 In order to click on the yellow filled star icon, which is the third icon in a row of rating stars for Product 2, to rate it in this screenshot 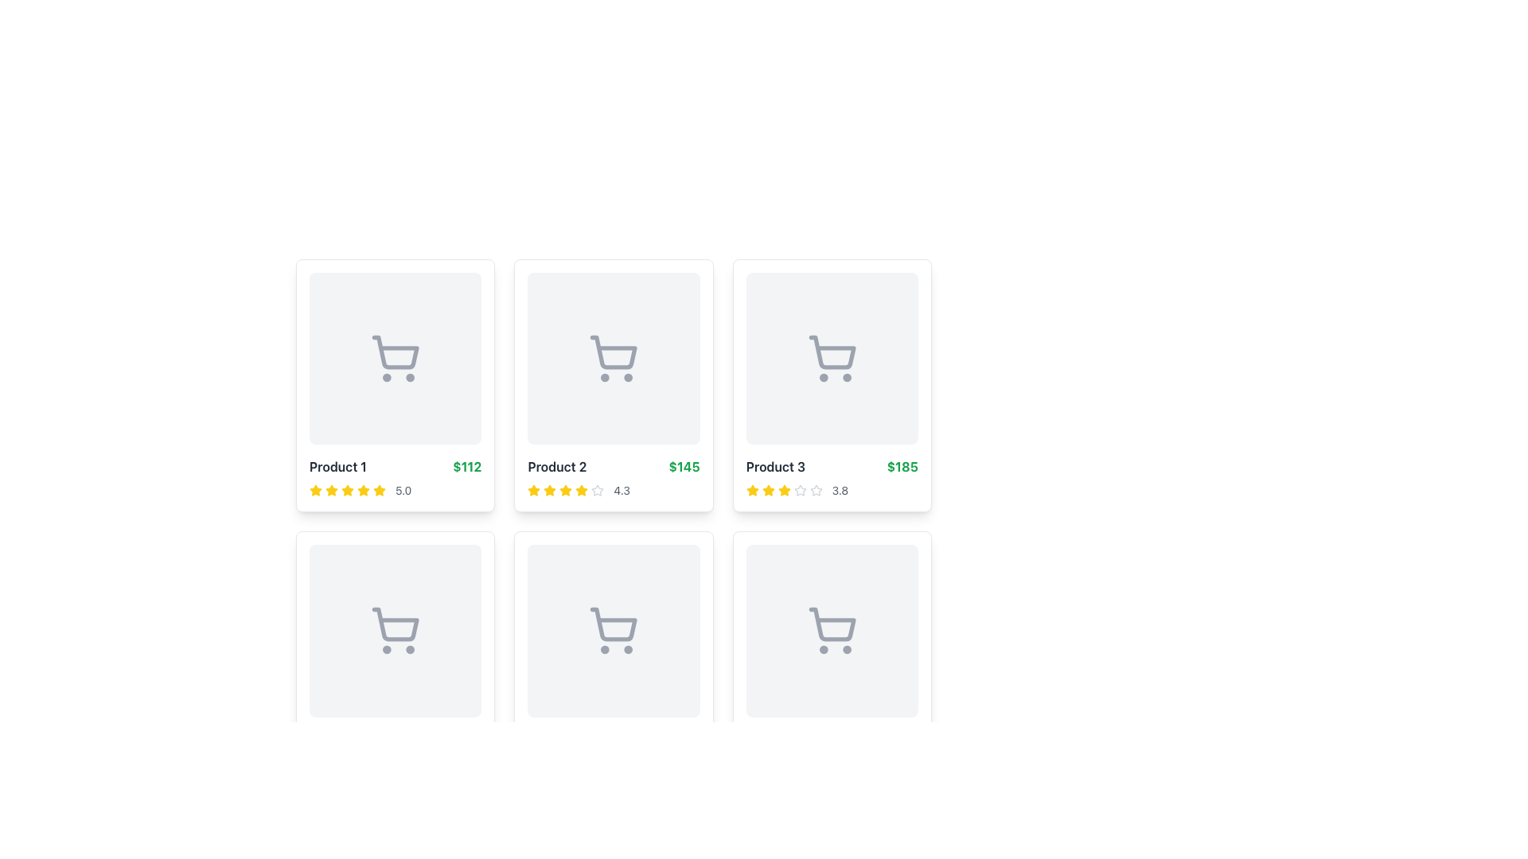, I will do `click(550, 490)`.